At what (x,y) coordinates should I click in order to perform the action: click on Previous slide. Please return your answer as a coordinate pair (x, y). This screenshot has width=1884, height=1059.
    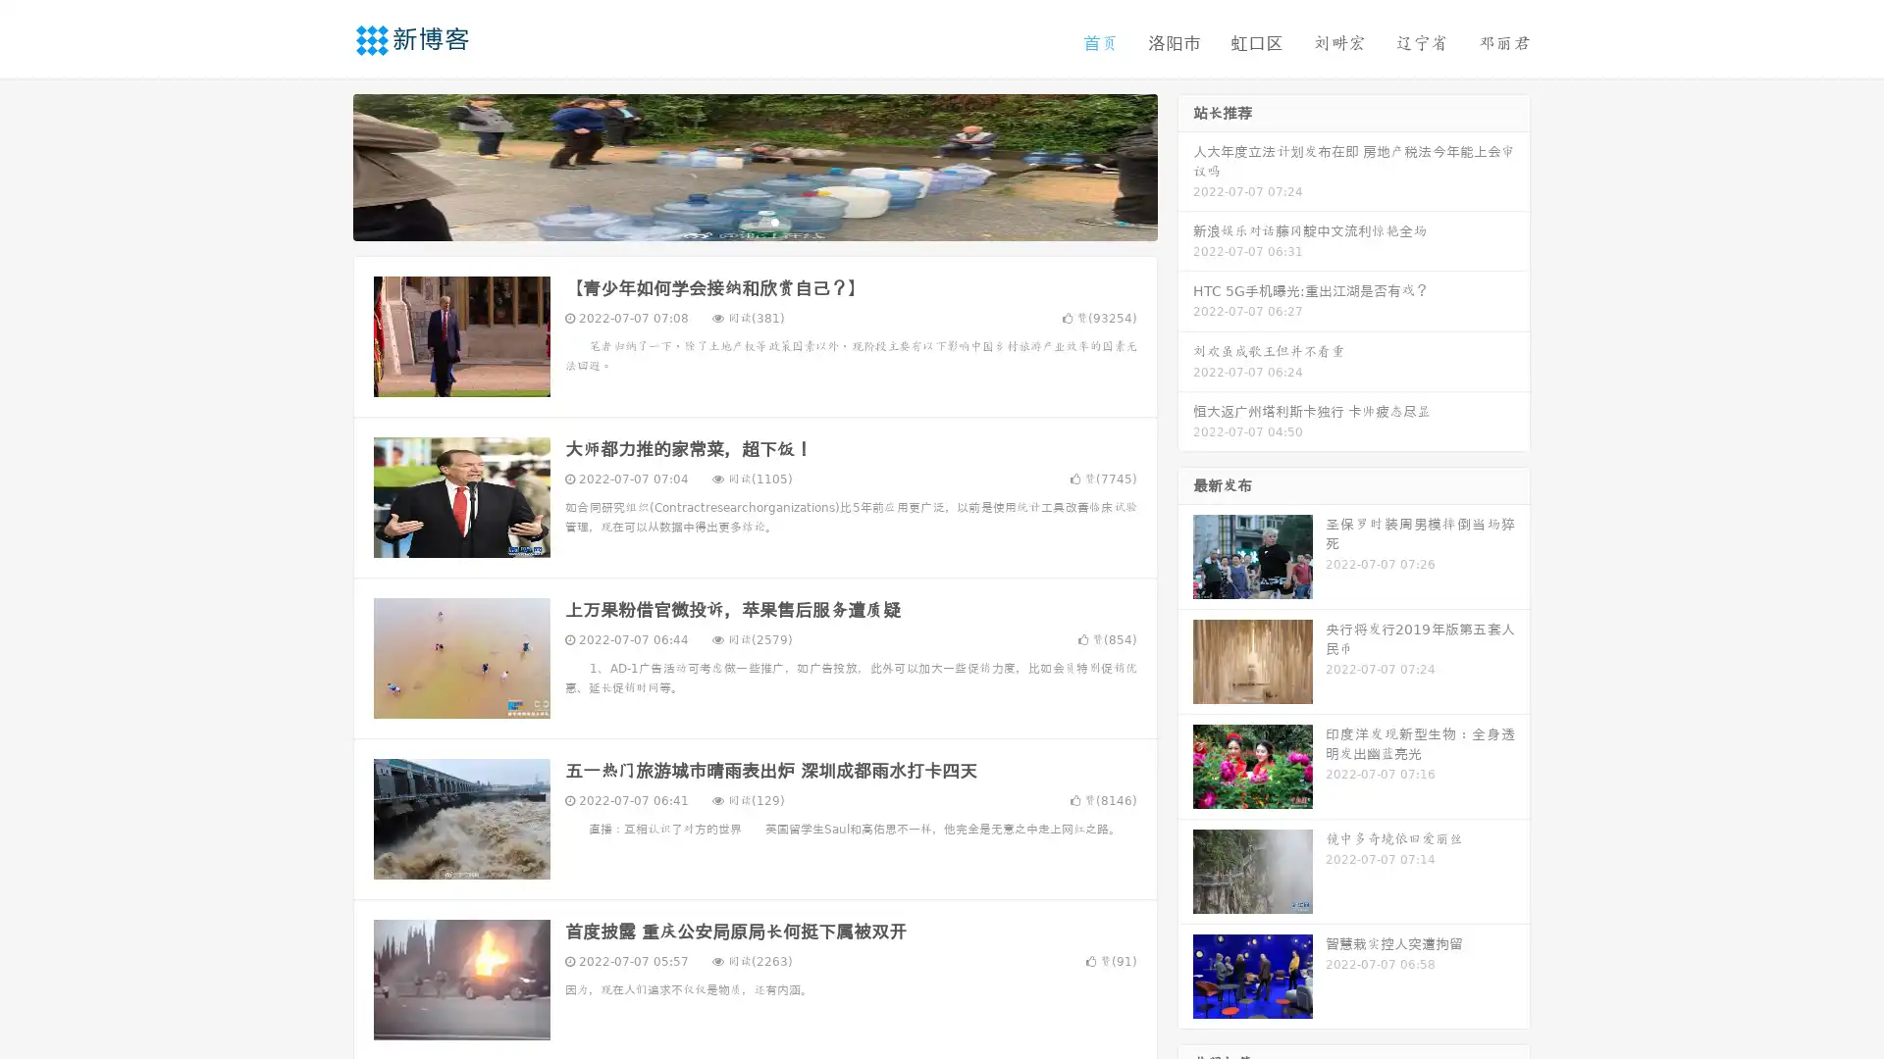
    Looking at the image, I should click on (324, 165).